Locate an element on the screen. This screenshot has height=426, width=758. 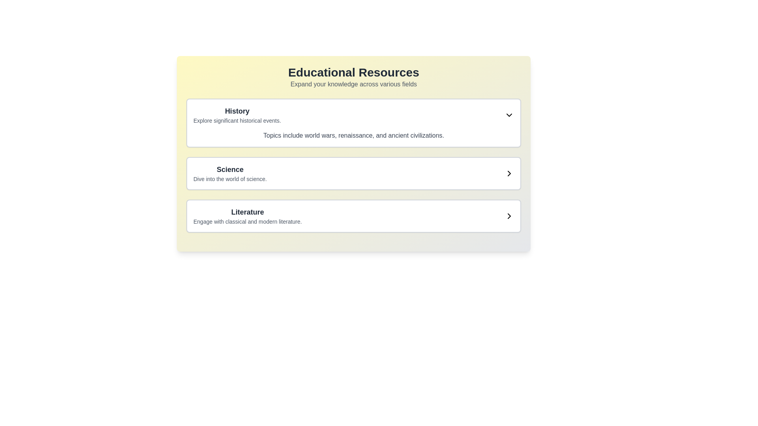
the 'Science' category Text Block in the educational resource menu is located at coordinates (229, 173).